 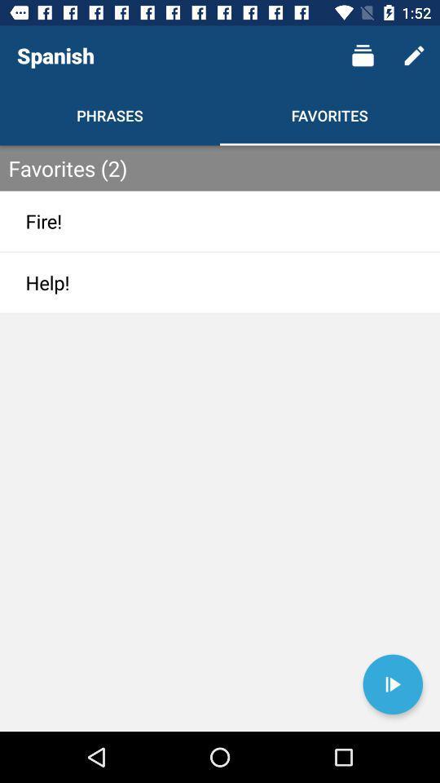 I want to click on the item next to the spanish icon, so click(x=363, y=55).